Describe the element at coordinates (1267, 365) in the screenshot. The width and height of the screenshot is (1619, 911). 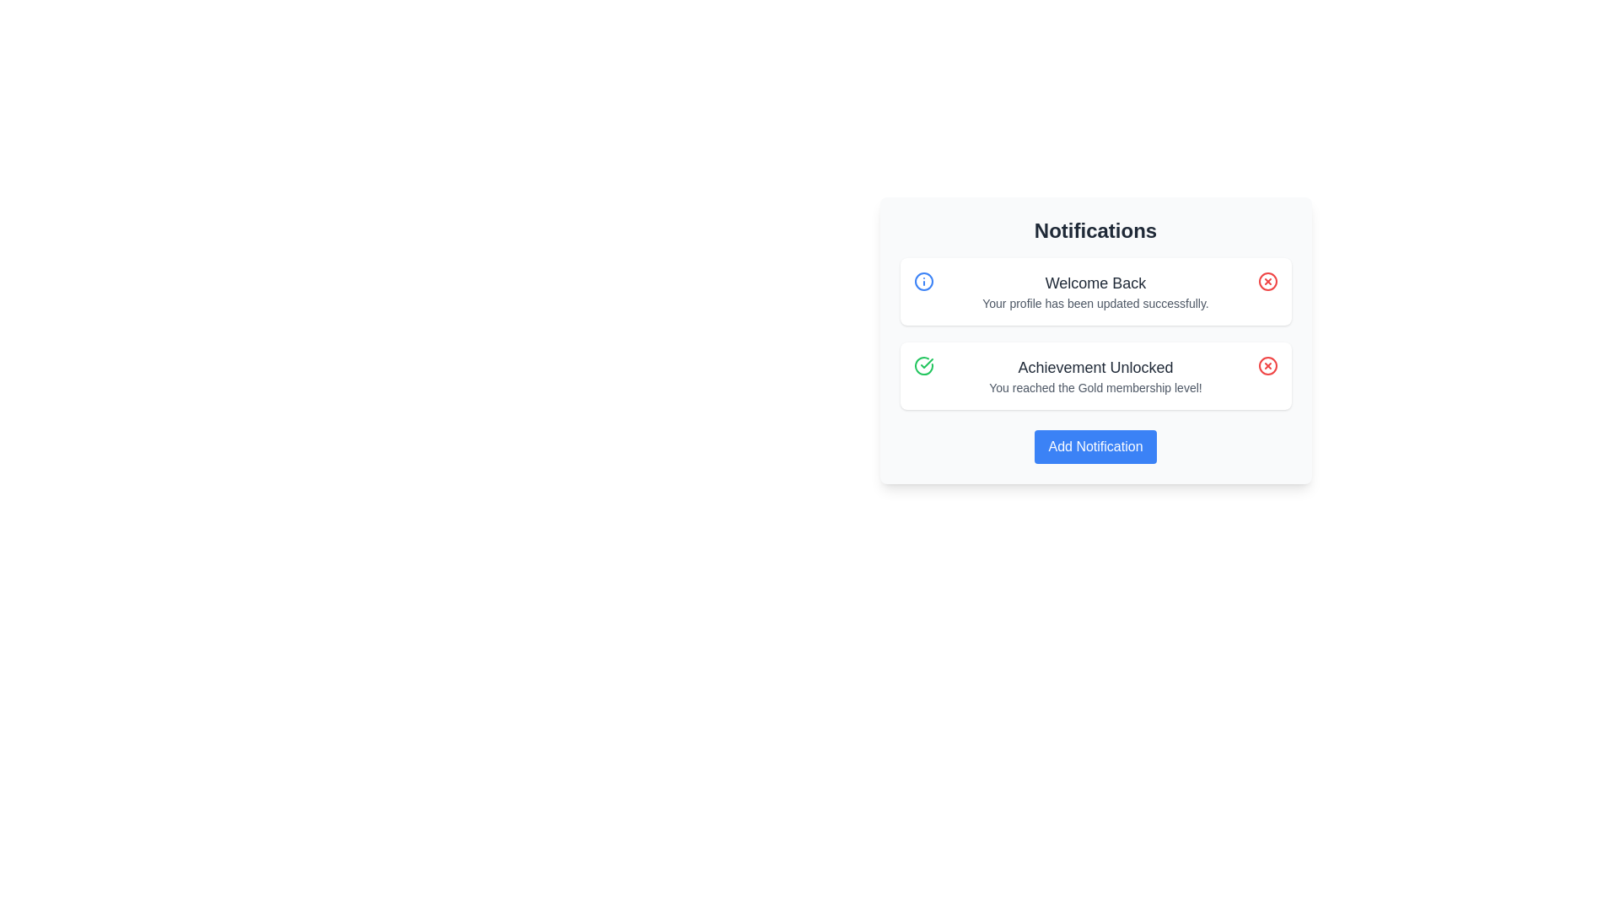
I see `the red circular close button with a white 'X' symbol, located at the far right side of the notification titled 'Achievement Unlocked'` at that location.